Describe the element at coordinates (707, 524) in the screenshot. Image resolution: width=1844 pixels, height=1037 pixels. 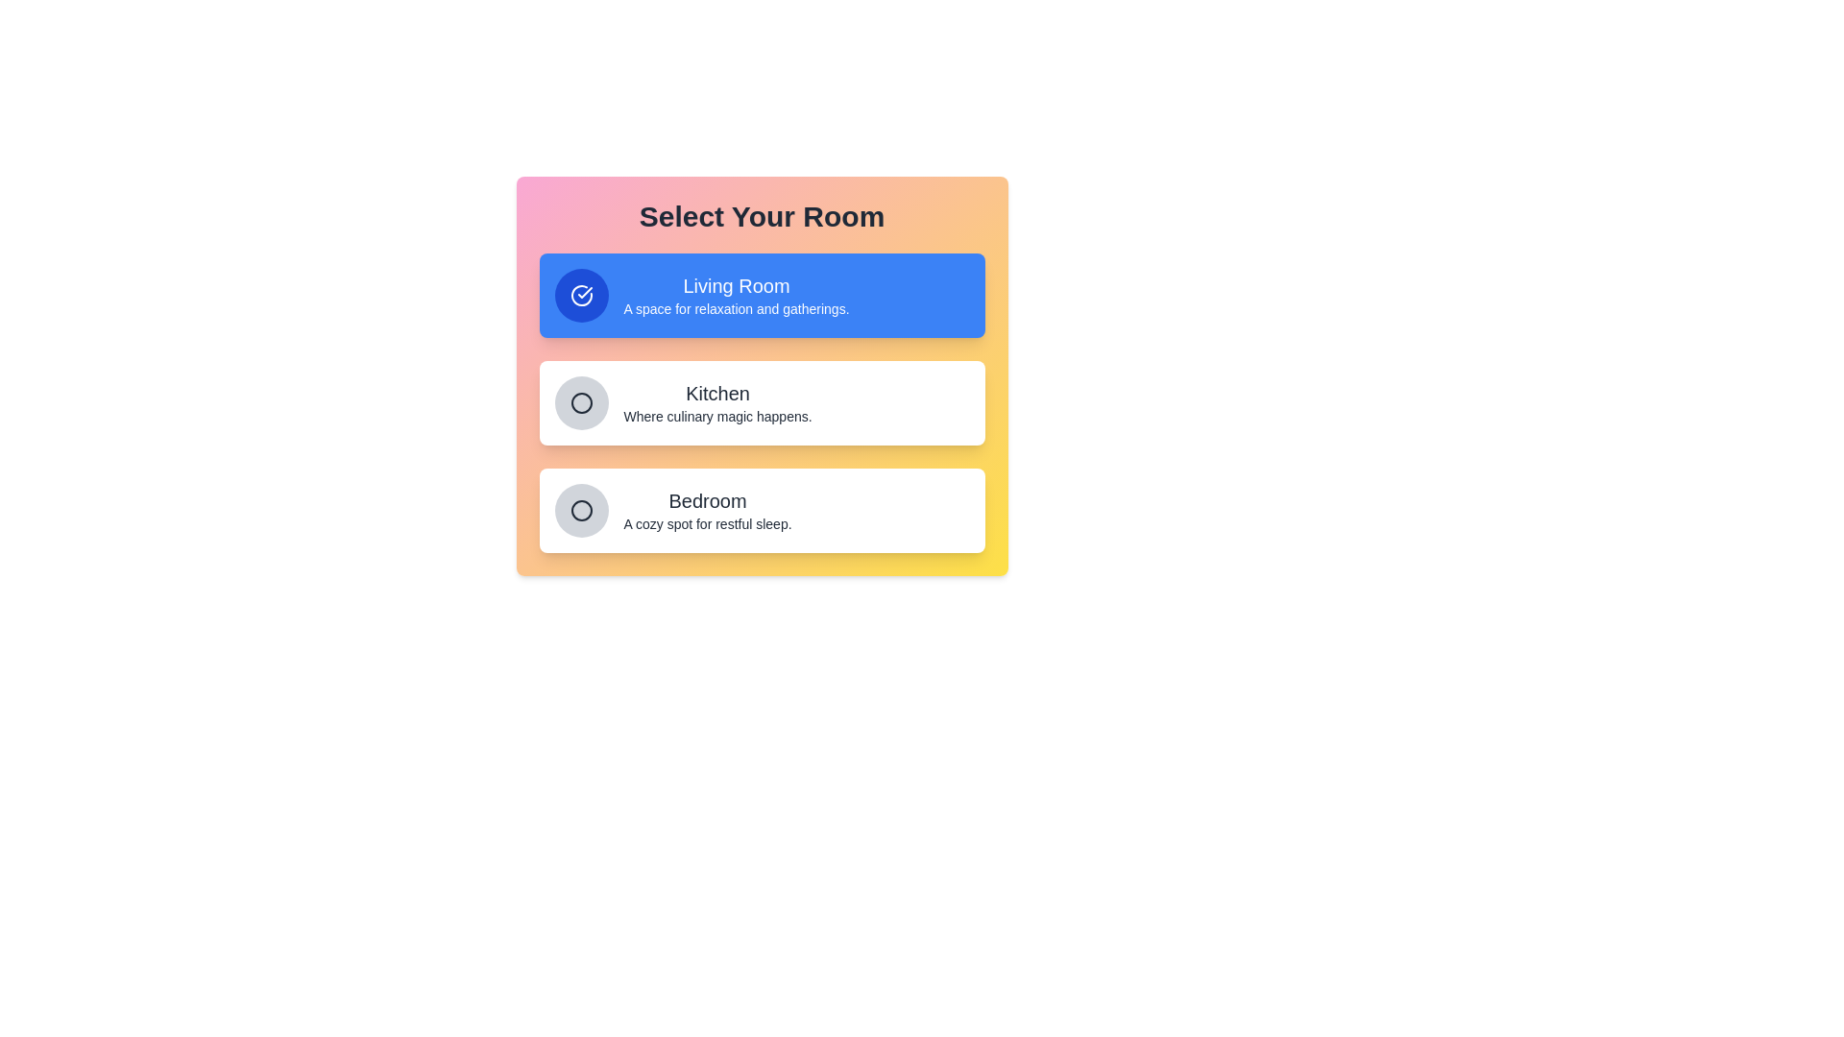
I see `the text label that reads 'A cozy spot for restful sleep.' located beneath the 'Bedroom' label in the interface` at that location.